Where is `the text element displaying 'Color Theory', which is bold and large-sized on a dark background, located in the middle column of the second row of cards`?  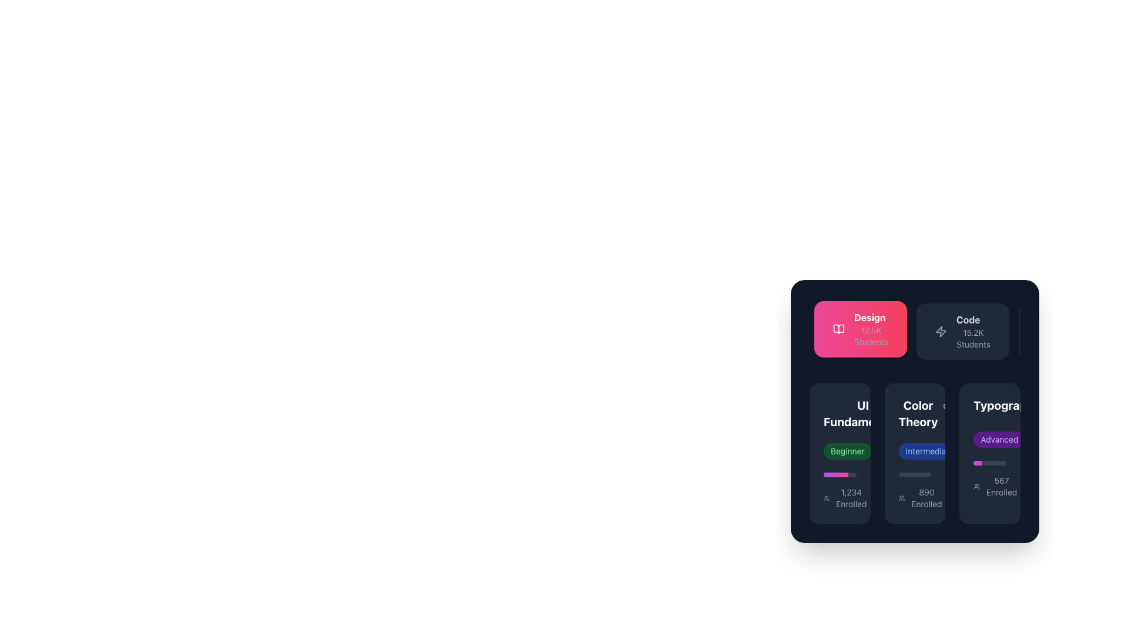
the text element displaying 'Color Theory', which is bold and large-sized on a dark background, located in the middle column of the second row of cards is located at coordinates (918, 413).